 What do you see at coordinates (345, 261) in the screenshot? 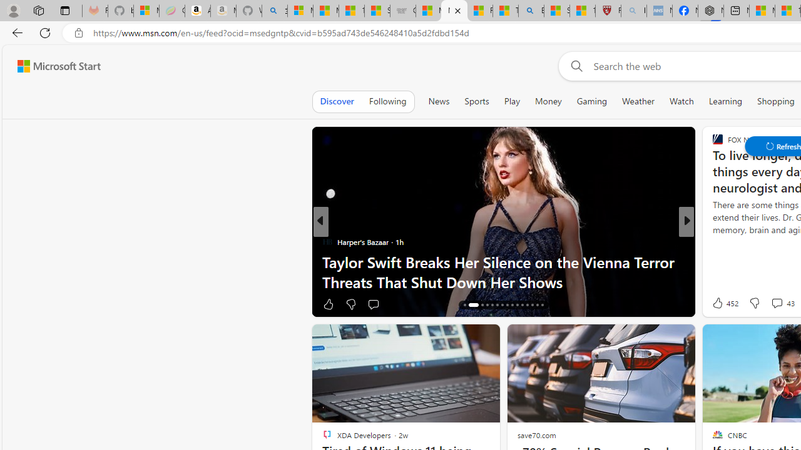
I see `'MetroOpinion'` at bounding box center [345, 261].